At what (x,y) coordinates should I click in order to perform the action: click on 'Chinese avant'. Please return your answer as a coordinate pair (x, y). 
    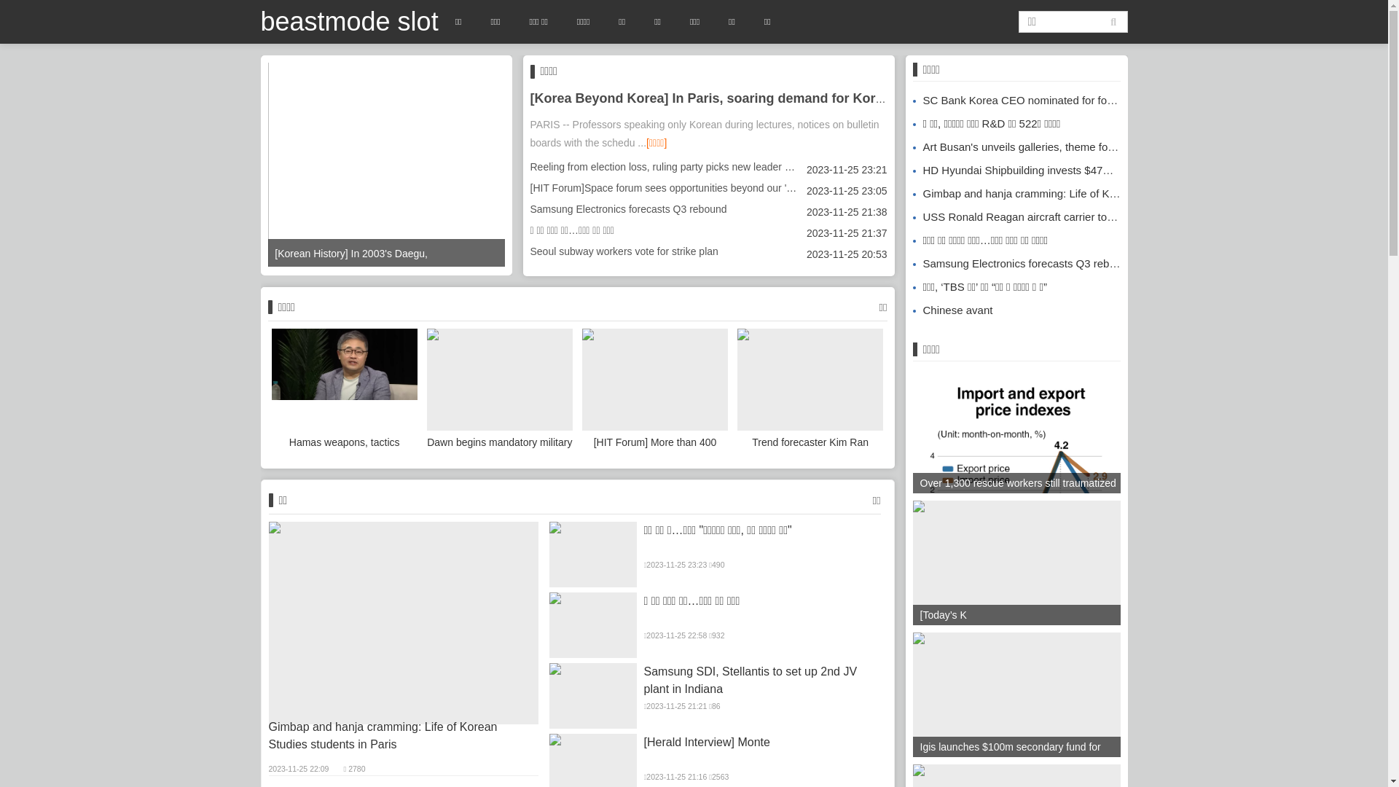
    Looking at the image, I should click on (952, 309).